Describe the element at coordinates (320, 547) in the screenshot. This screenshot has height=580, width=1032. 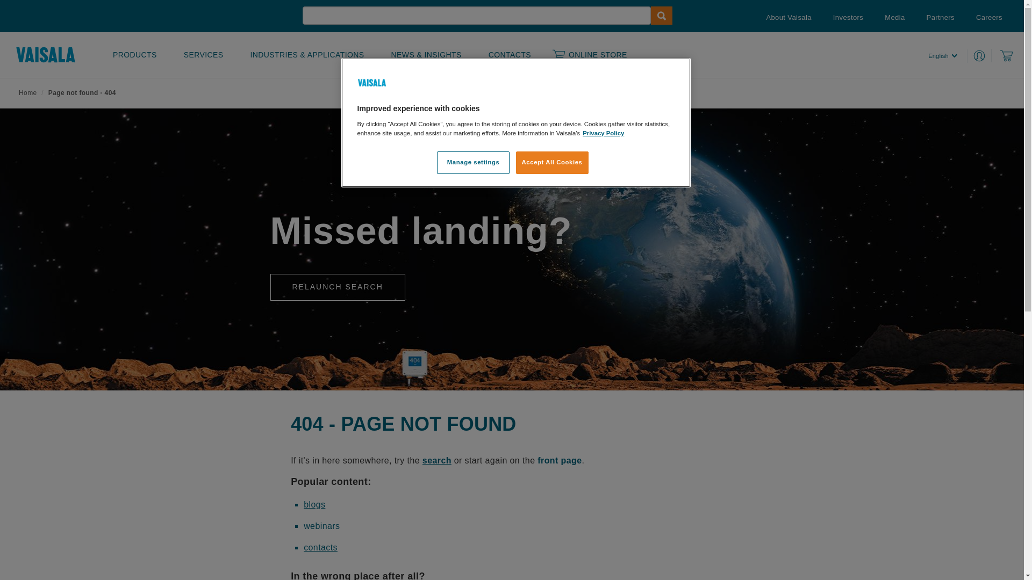
I see `'contacts'` at that location.